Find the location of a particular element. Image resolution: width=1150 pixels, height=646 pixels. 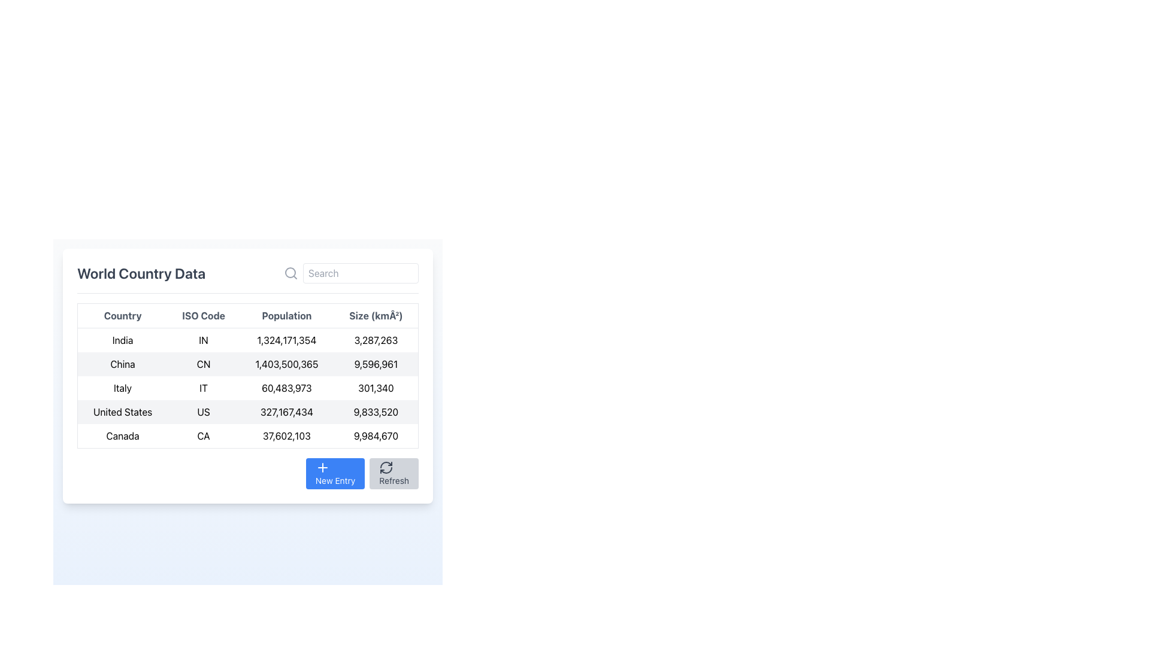

the text element displaying 'IT', which is the second cell in the row corresponding to 'Italy' in the table is located at coordinates (204, 388).